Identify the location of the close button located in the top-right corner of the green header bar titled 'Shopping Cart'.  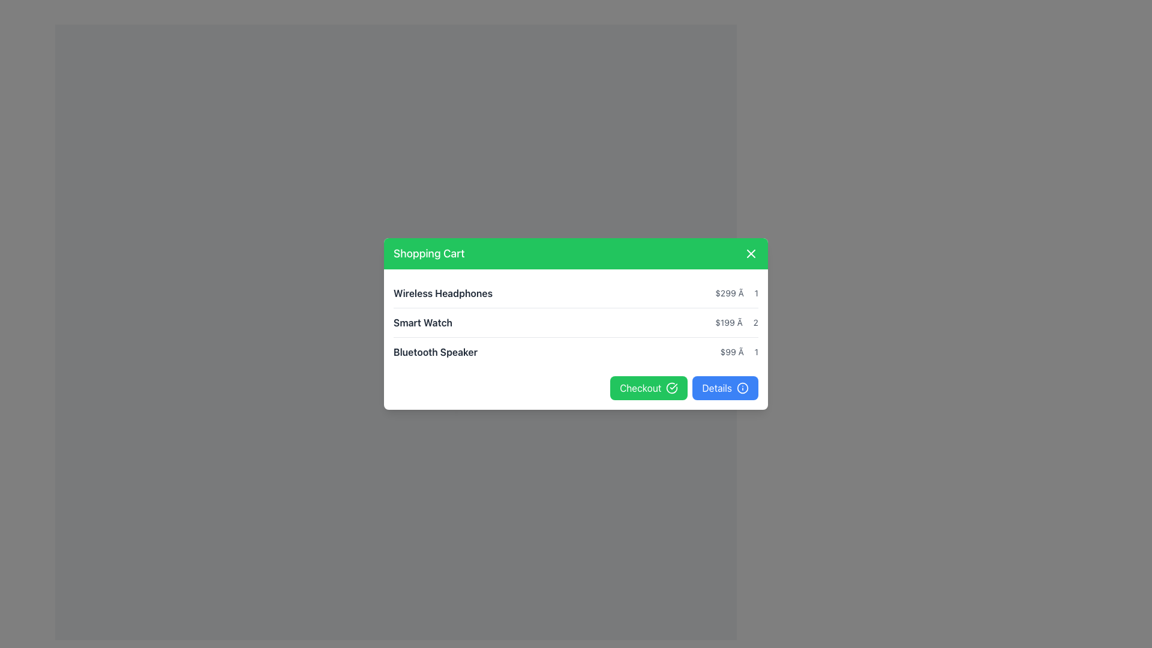
(751, 253).